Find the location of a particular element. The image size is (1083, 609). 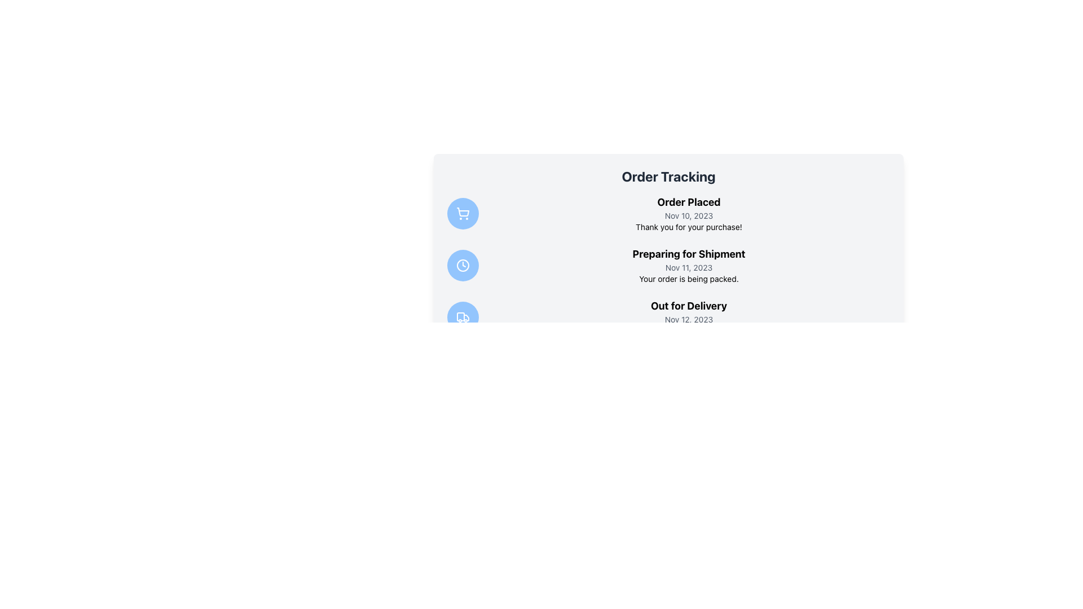

the status of the 'Order Placed' icon, which is the first circular button on the left side of the interface, representing the status of the initial phase in the order tracking process is located at coordinates (463, 213).